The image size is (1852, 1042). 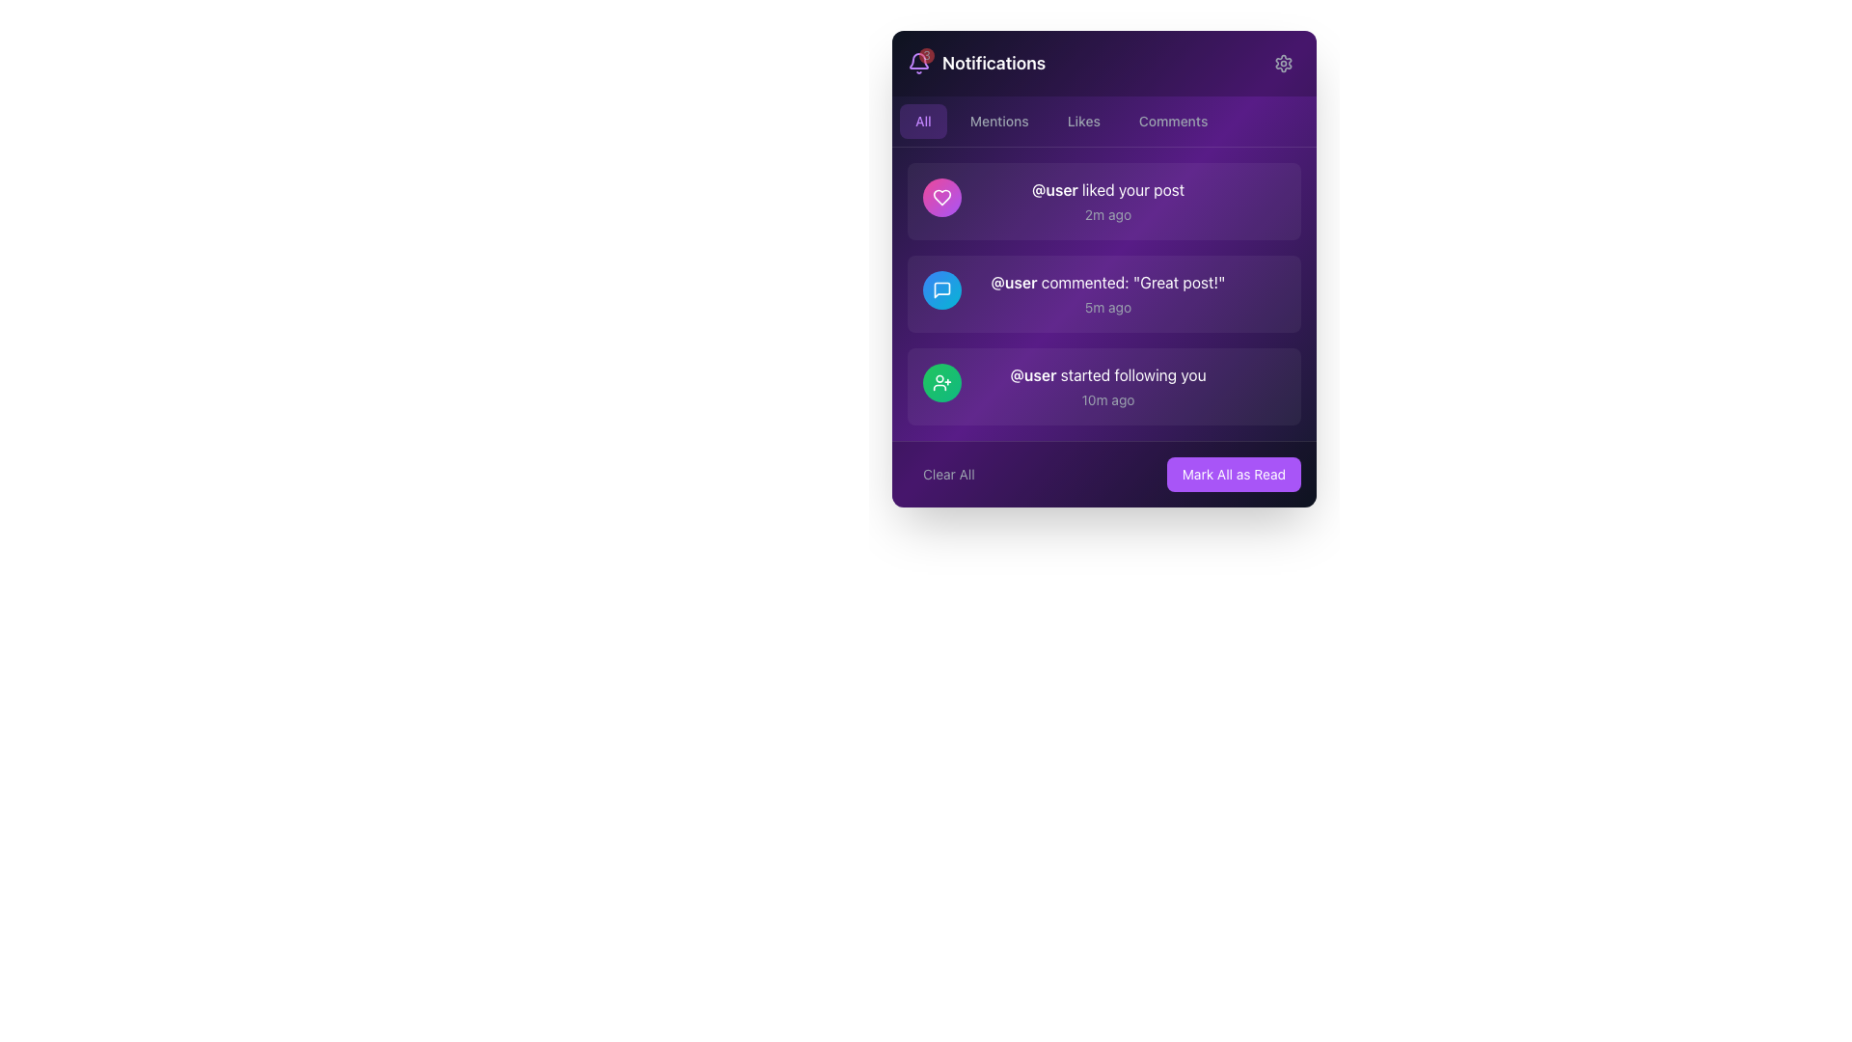 What do you see at coordinates (1107, 387) in the screenshot?
I see `text of the notification that displays '@user started following you' in bold white font on a purple background, located in the notification panel` at bounding box center [1107, 387].